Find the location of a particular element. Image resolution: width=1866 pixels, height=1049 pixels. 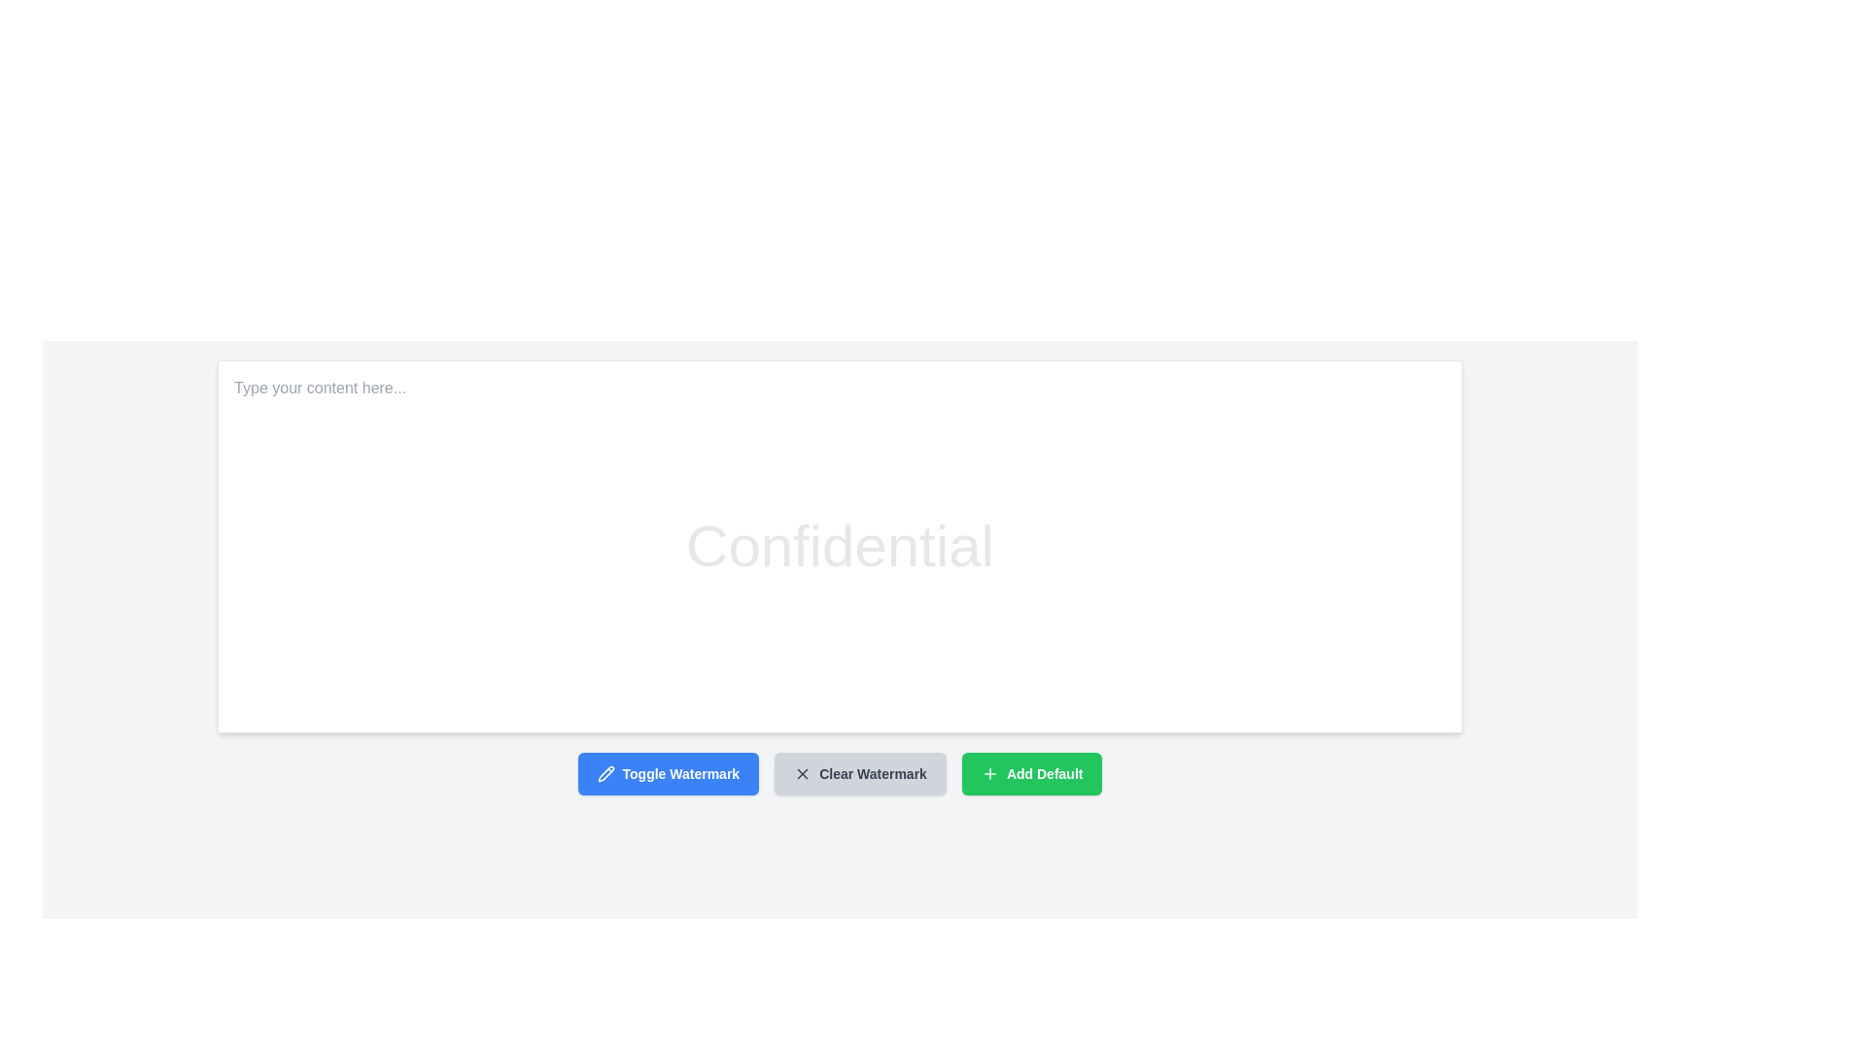

the 'Toggle Watermark' button in the Button Group located at the bottom of the content block is located at coordinates (840, 773).